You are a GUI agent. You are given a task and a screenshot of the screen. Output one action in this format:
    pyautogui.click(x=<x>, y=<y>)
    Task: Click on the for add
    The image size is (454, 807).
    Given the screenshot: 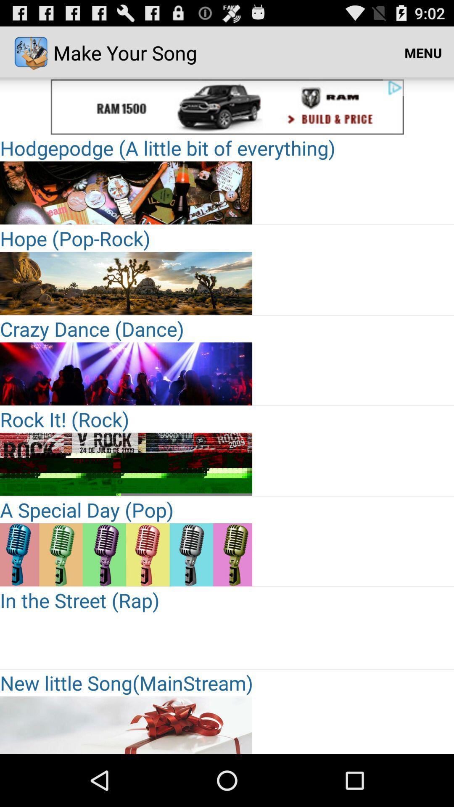 What is the action you would take?
    pyautogui.click(x=126, y=555)
    